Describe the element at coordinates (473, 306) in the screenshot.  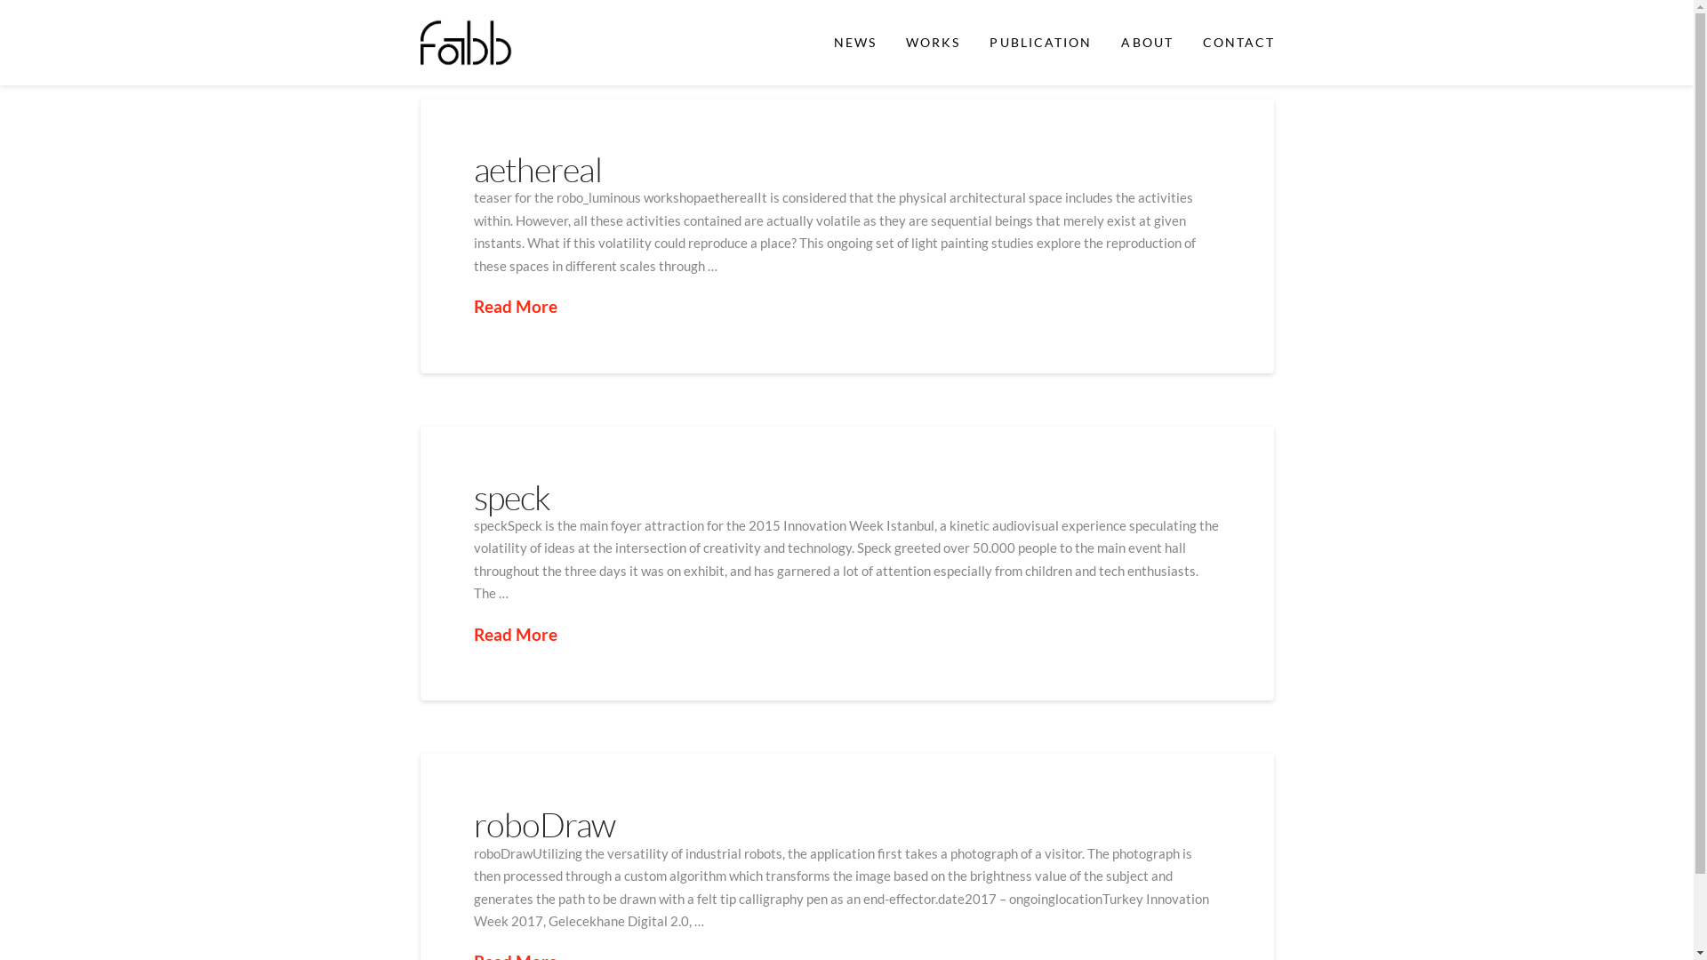
I see `'Read More'` at that location.